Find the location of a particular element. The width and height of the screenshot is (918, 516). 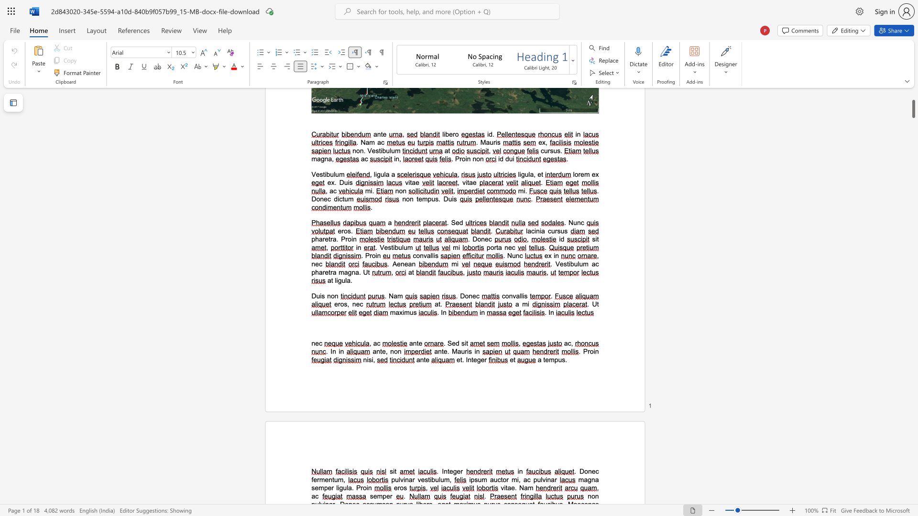

the 1th character "N" in the text is located at coordinates (521, 488).